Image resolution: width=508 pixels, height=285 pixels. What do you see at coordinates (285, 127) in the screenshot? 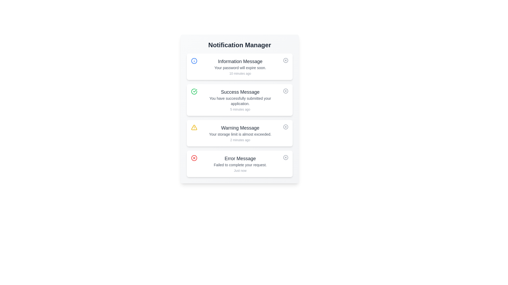
I see `the circular border of the warning icon, which is located in the third row of the notification list, to the right of the 'Warning Message' text as a decorative element` at bounding box center [285, 127].